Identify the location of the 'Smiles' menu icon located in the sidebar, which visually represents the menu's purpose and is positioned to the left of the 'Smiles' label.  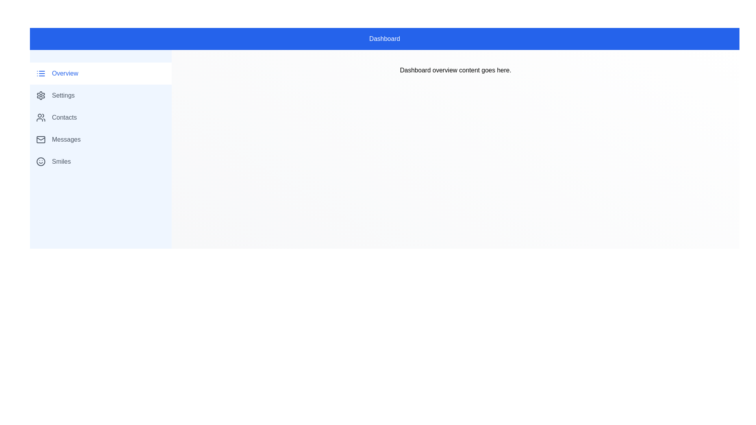
(41, 161).